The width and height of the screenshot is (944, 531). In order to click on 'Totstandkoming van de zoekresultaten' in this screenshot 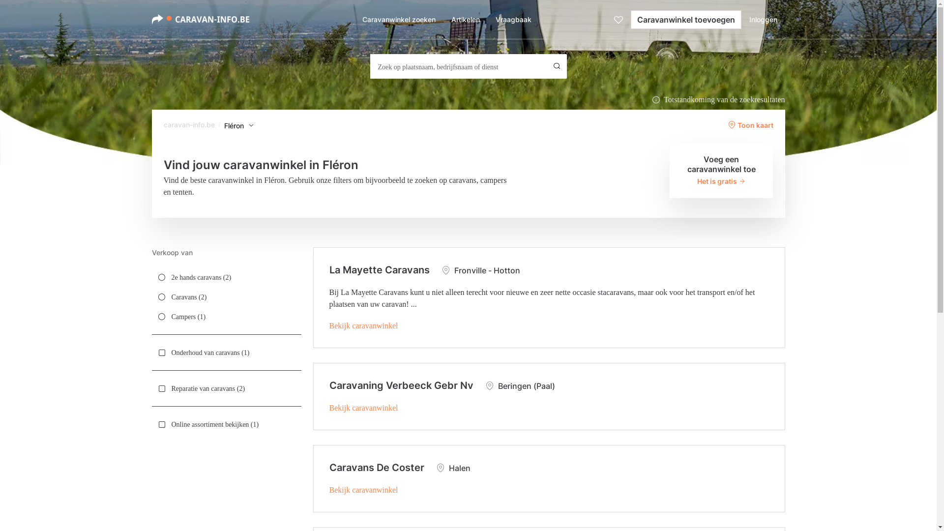, I will do `click(718, 100)`.